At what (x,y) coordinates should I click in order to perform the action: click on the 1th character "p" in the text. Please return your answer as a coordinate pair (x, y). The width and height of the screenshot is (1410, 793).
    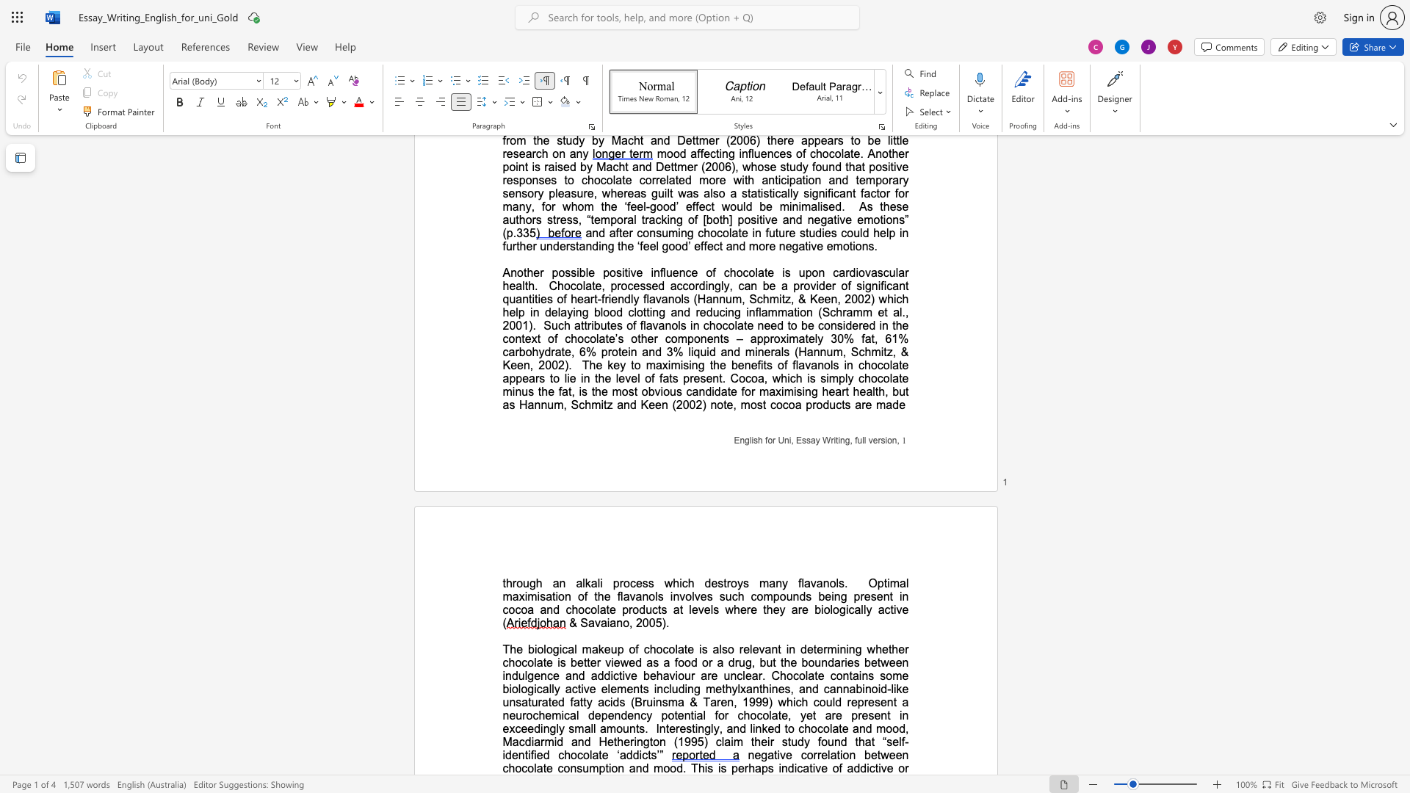
    Looking at the image, I should click on (734, 767).